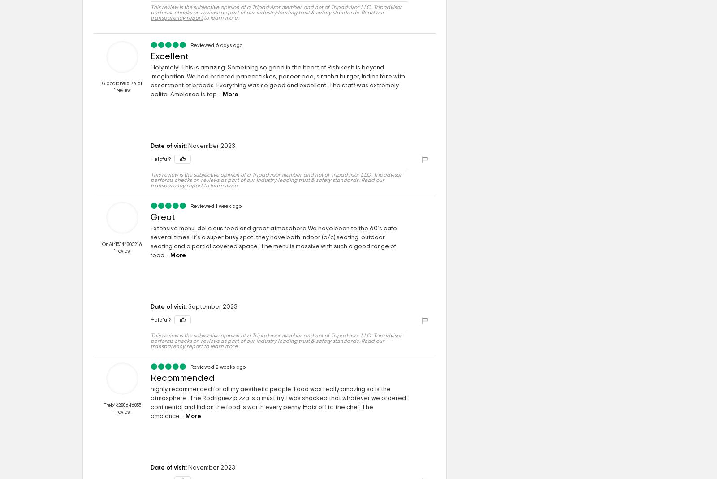 This screenshot has height=479, width=717. Describe the element at coordinates (274, 242) in the screenshot. I see `'Extensive menu, delicious food and great atmosphere
We have been to the 60’s cafe several times. It’s a super busy spot, they have both indoor (a/c) seating, outdoor seating and a partial covered space. The menu is massive with such a good range of food...'` at that location.